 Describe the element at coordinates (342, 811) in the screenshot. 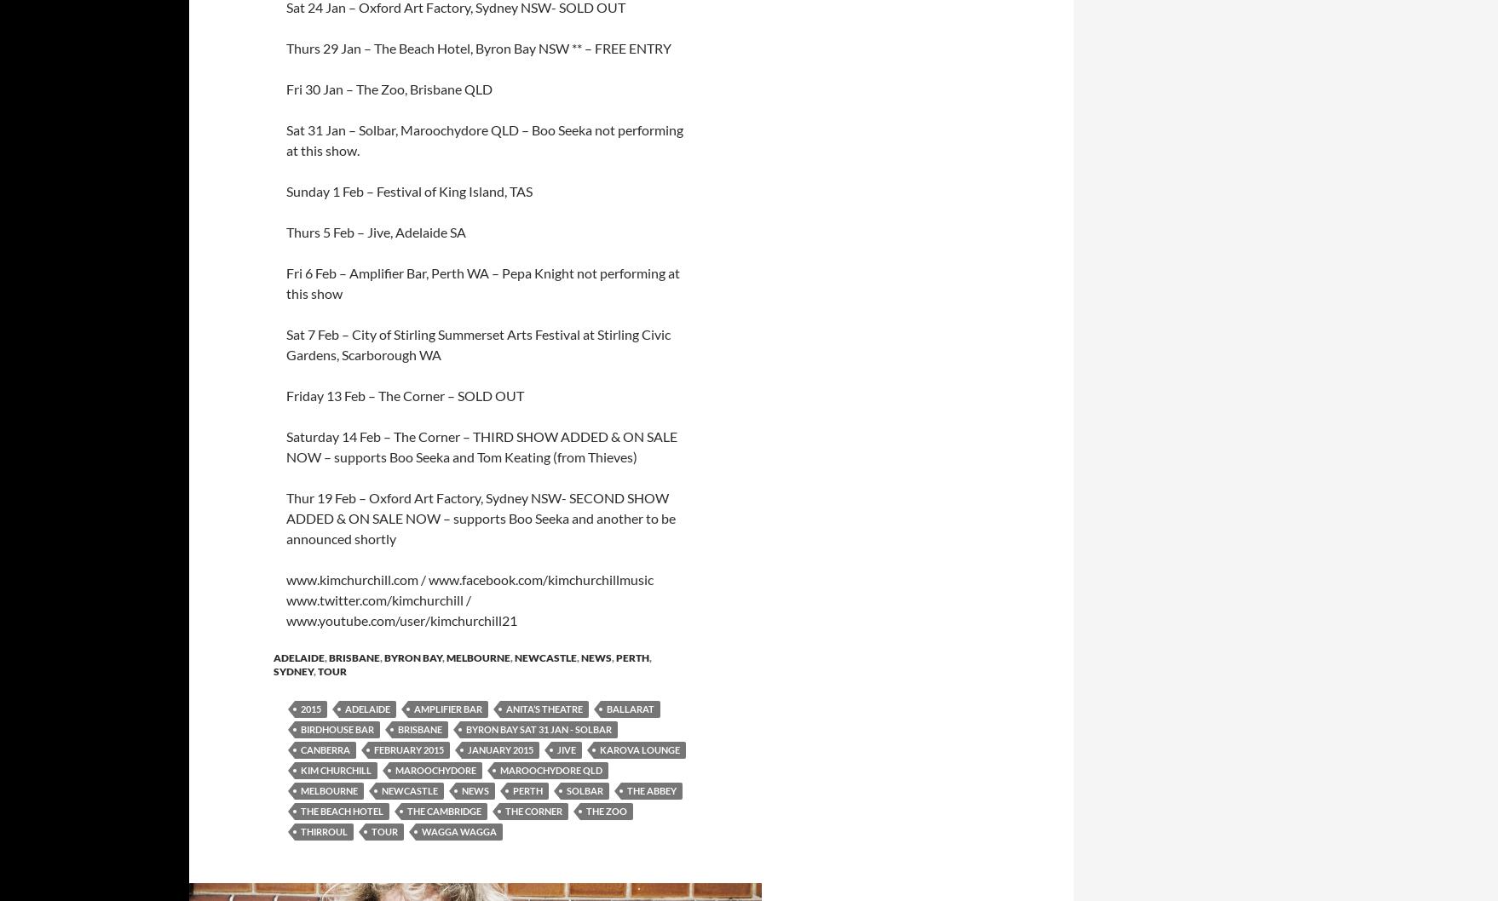

I see `'The Beach Hotel'` at that location.